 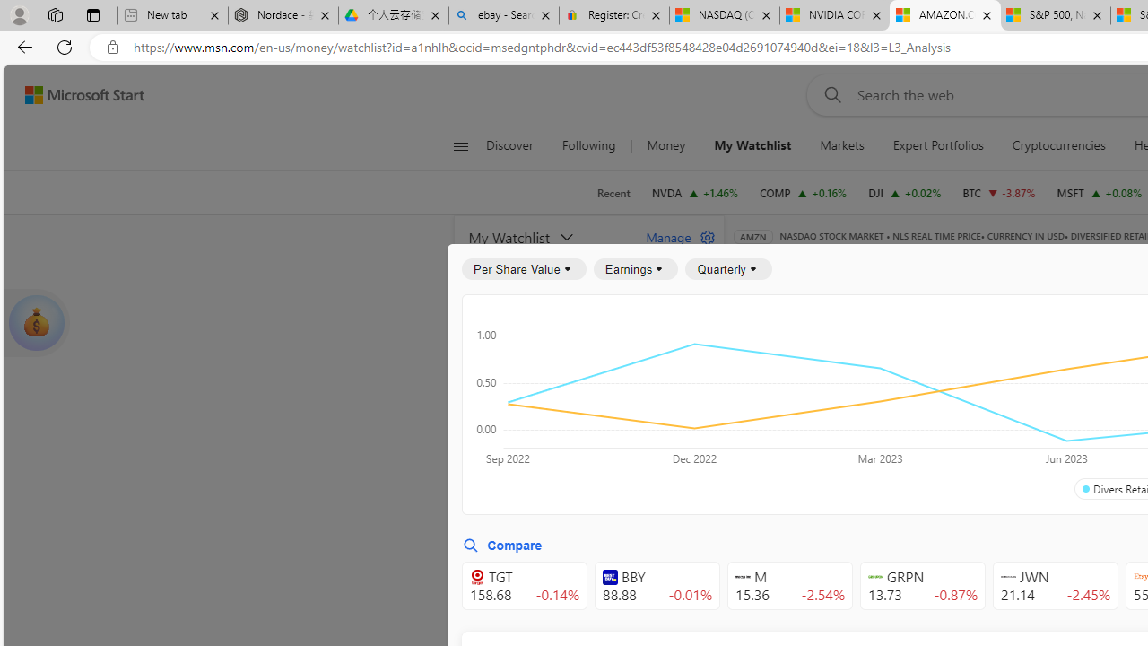 What do you see at coordinates (1058, 145) in the screenshot?
I see `'Cryptocurrencies'` at bounding box center [1058, 145].